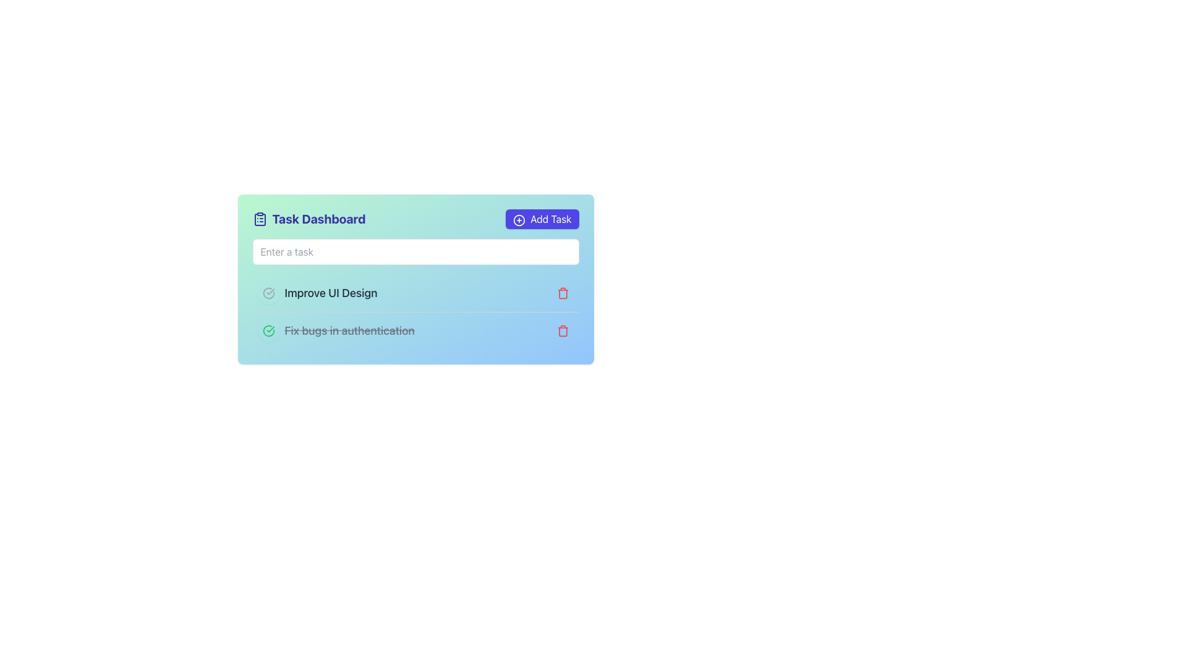 The height and width of the screenshot is (667, 1187). Describe the element at coordinates (331, 293) in the screenshot. I see `text label that serves as a task entry in the task management interface, located to the right of a circular checkmark icon and above a similar task entry` at that location.